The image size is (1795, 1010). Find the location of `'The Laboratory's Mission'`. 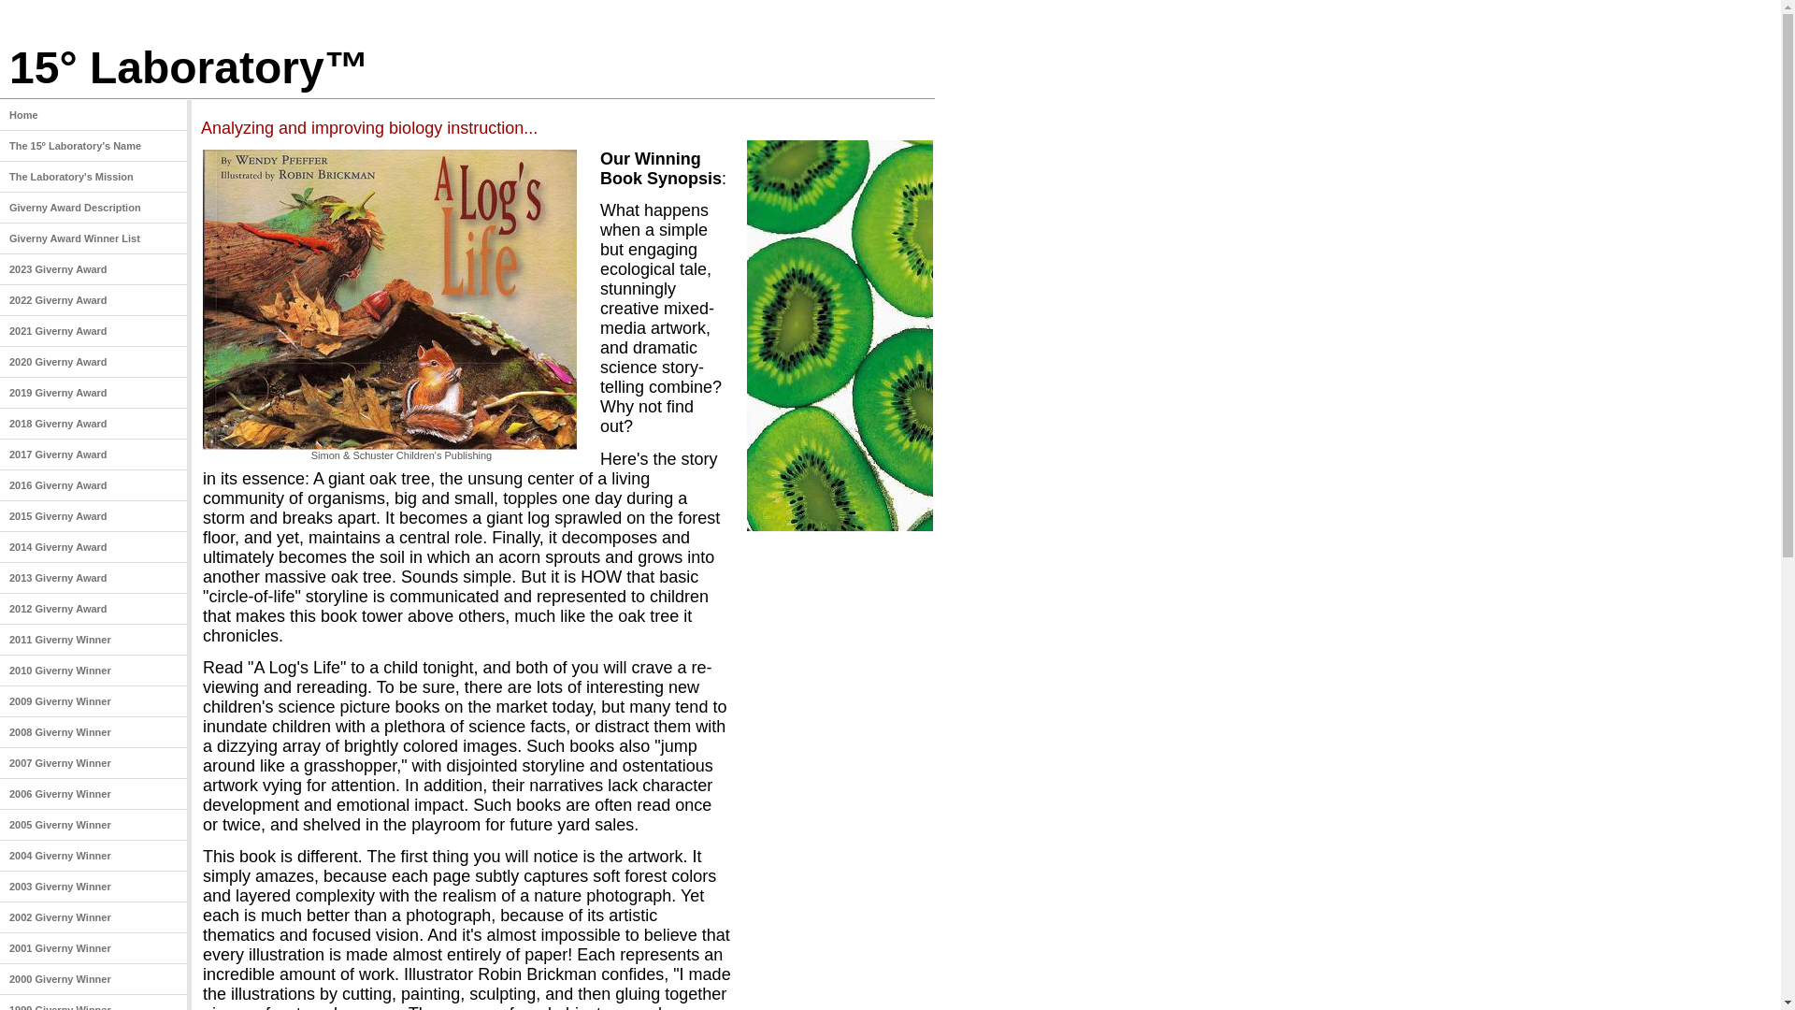

'The Laboratory's Mission' is located at coordinates (93, 177).